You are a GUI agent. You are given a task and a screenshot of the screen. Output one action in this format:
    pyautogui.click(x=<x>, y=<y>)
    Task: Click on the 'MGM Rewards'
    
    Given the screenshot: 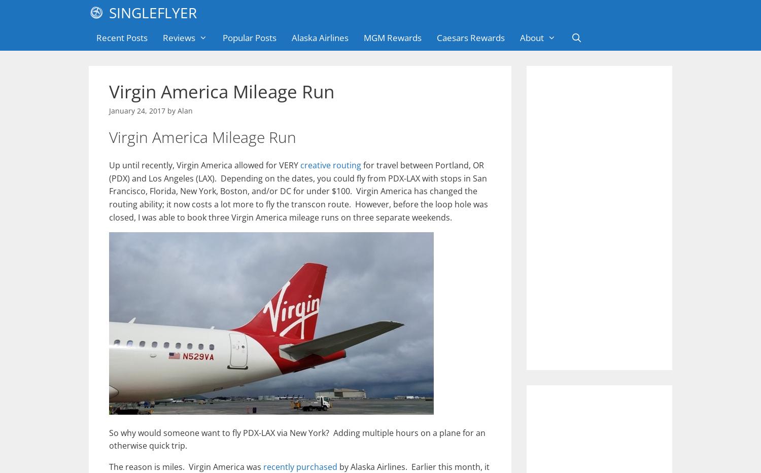 What is the action you would take?
    pyautogui.click(x=362, y=38)
    